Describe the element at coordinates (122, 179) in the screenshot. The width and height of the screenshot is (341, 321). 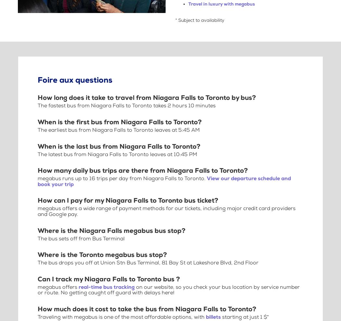
I see `'megabus runs up to 16 trips per day from Niagara Falls to Toronto.'` at that location.